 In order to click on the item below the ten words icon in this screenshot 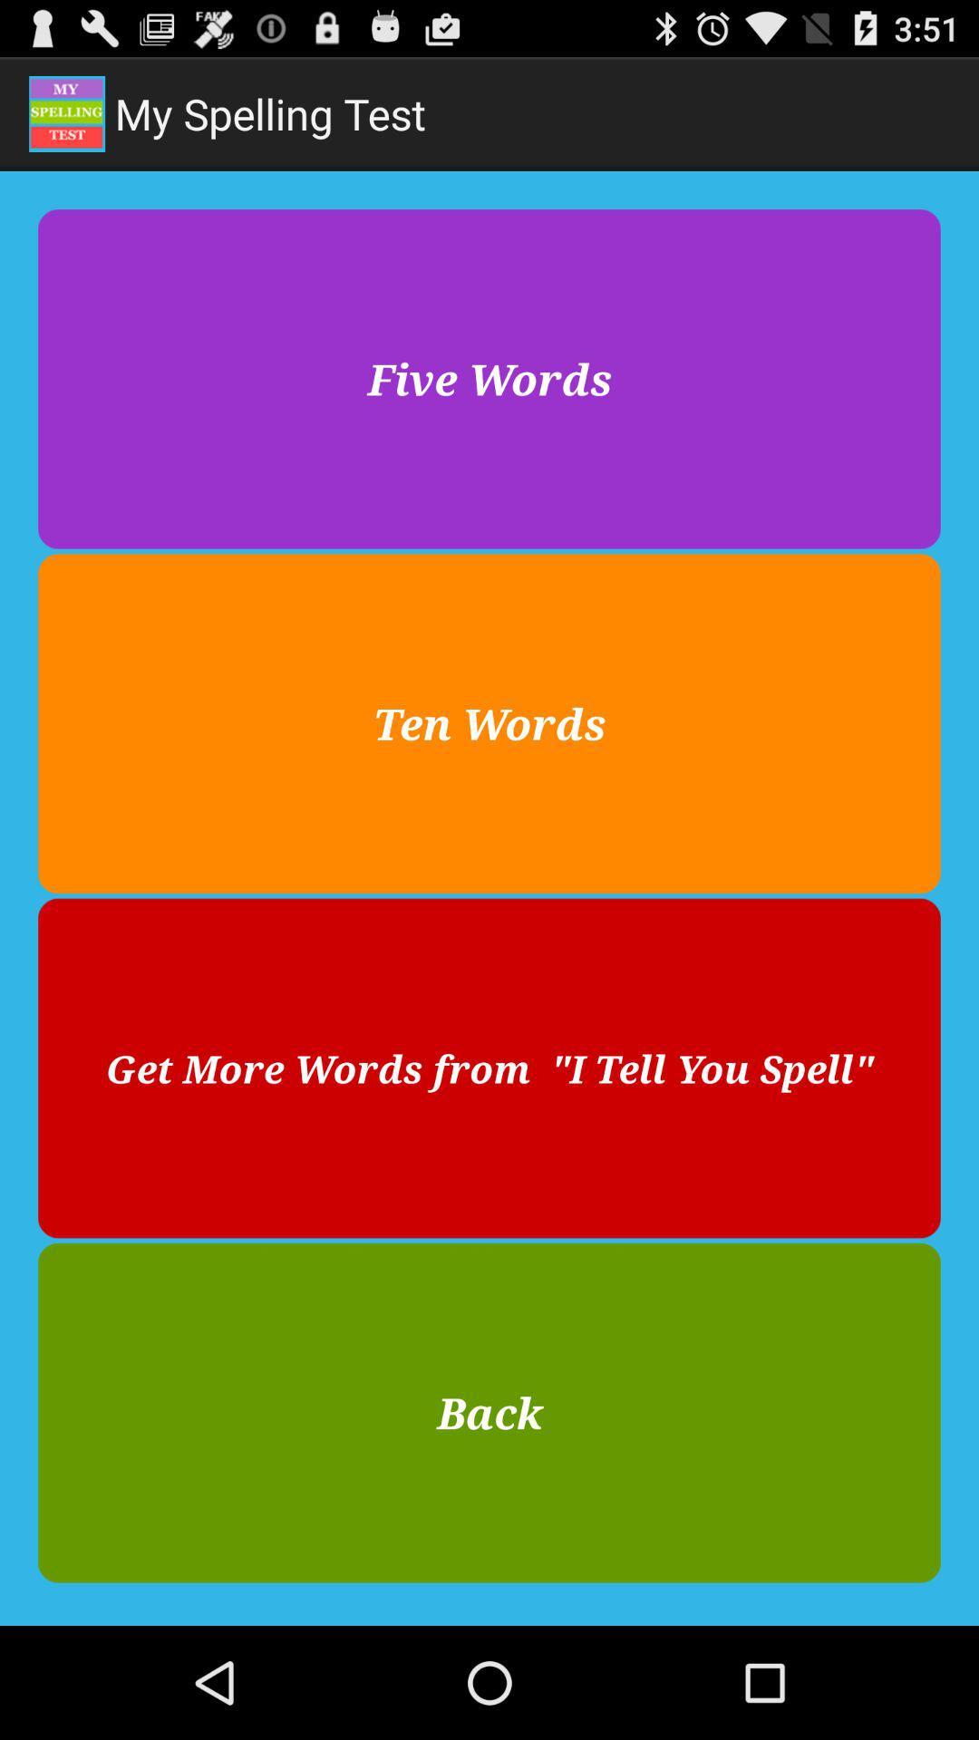, I will do `click(489, 1068)`.